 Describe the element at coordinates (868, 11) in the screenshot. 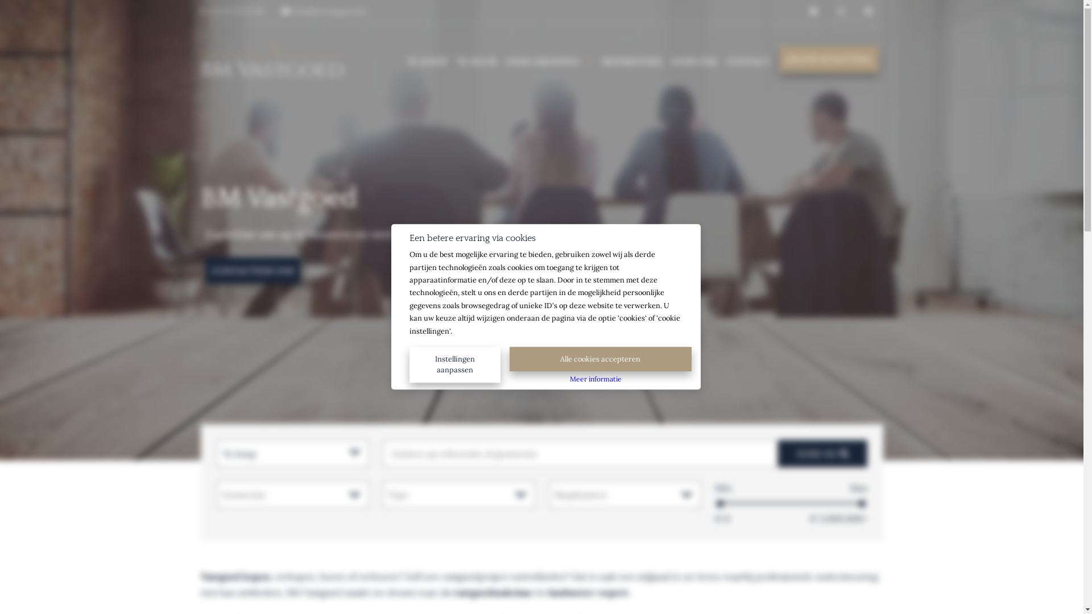

I see `' '` at that location.